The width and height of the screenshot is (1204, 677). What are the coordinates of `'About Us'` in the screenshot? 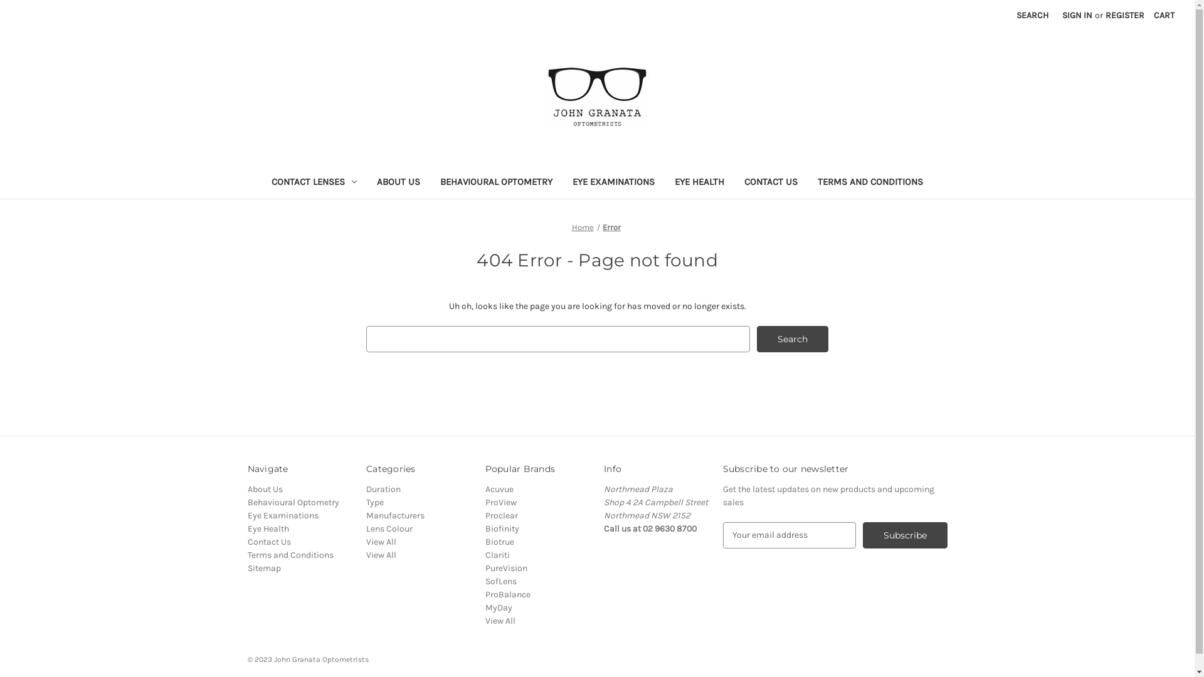 It's located at (264, 488).